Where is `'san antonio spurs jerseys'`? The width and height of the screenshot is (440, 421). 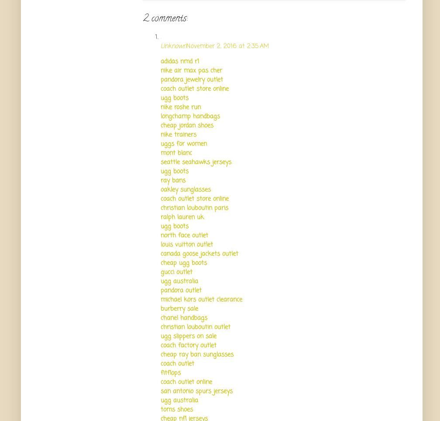
'san antonio spurs jerseys' is located at coordinates (196, 390).